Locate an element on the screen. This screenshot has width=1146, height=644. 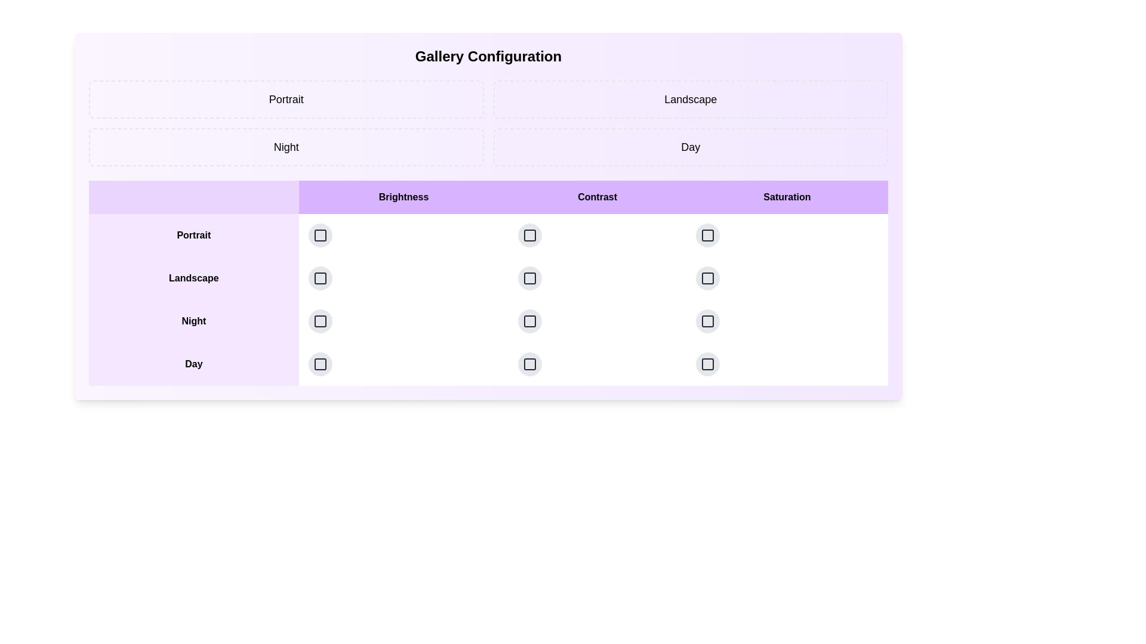
the interactive button for selecting or deselecting the 'Contrast' parameter in the configuration located at the third row (Night) and second column (Contrast) is located at coordinates (529, 321).